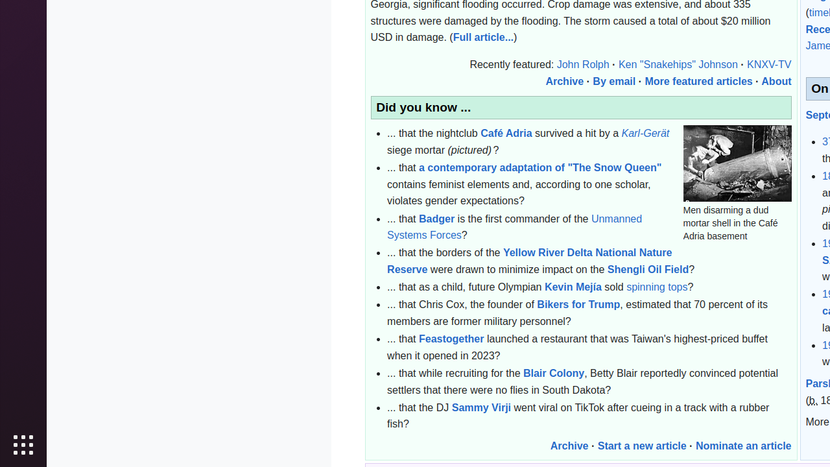 This screenshot has height=467, width=830. Describe the element at coordinates (554, 372) in the screenshot. I see `'Blair Colony'` at that location.